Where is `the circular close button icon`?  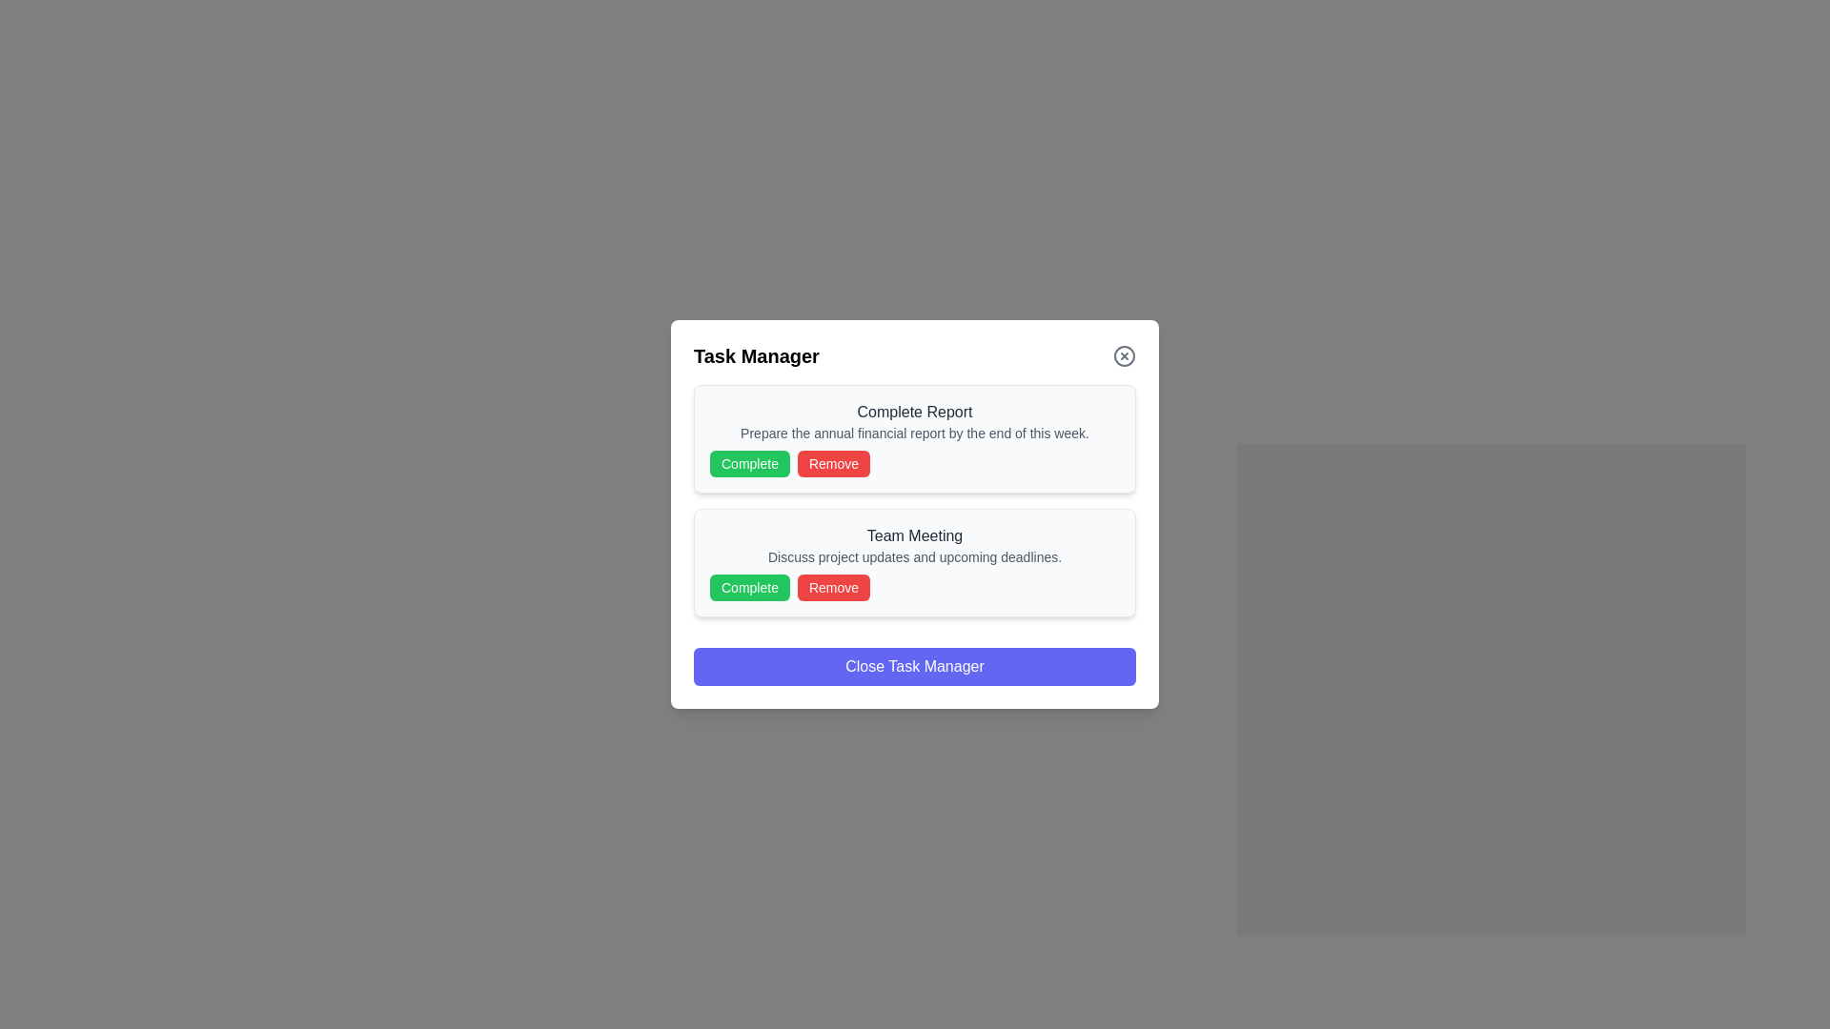
the circular close button icon is located at coordinates (1125, 356).